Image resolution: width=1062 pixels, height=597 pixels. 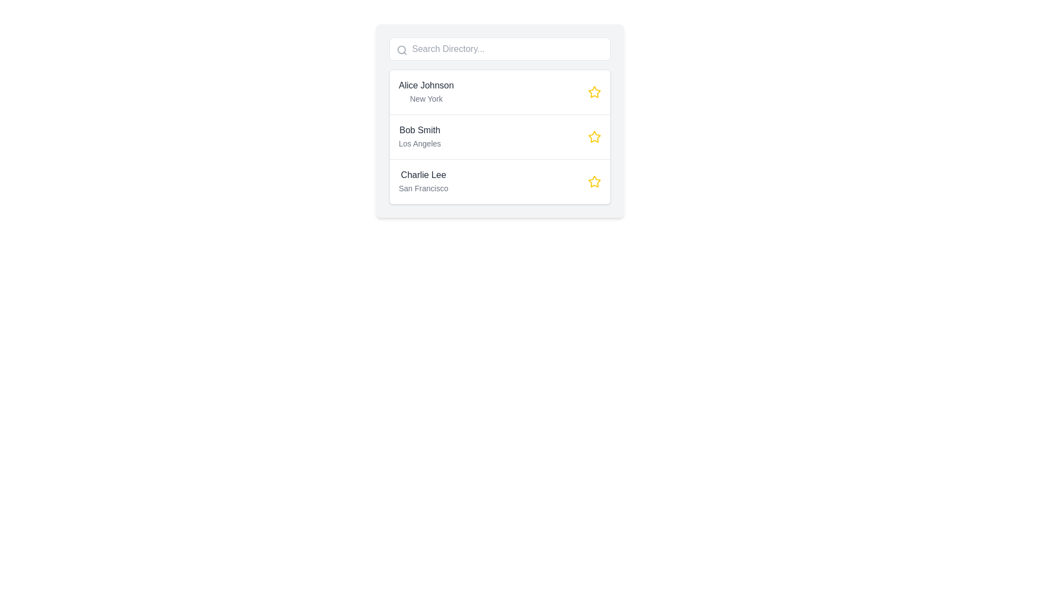 What do you see at coordinates (499, 121) in the screenshot?
I see `the second list item in the user directory interface, which has a light gray background and contains a name and location, positioned directly below the first item` at bounding box center [499, 121].